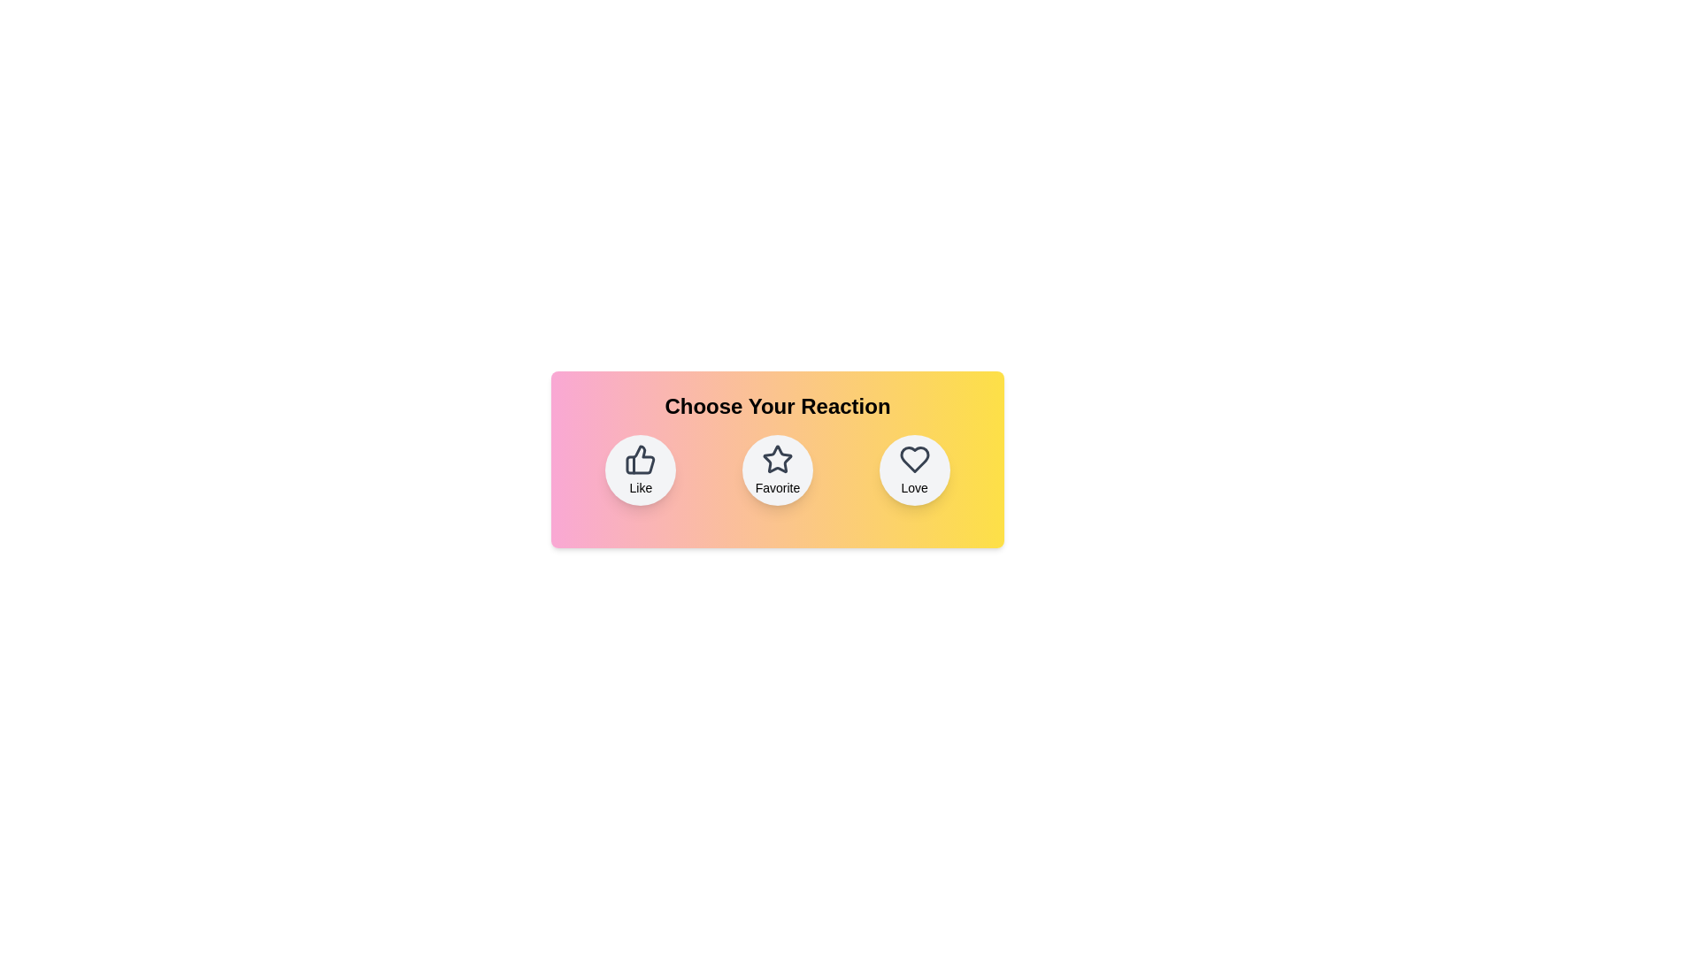 The height and width of the screenshot is (955, 1699). I want to click on the Favorite button to select the corresponding reaction, so click(777, 470).